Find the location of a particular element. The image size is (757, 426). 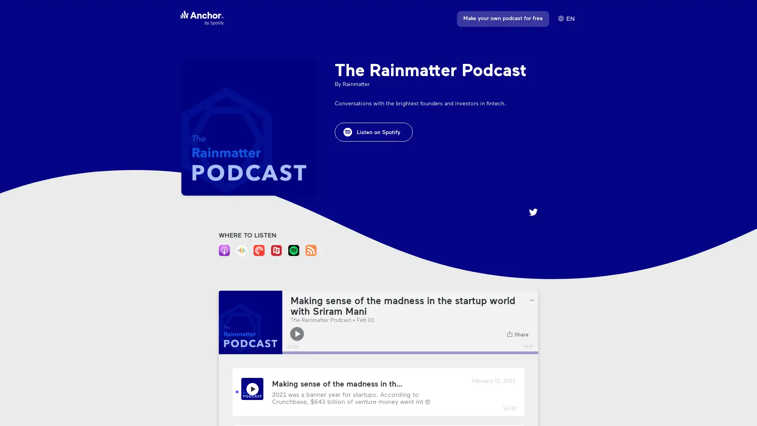

Play or pause is located at coordinates (296, 334).